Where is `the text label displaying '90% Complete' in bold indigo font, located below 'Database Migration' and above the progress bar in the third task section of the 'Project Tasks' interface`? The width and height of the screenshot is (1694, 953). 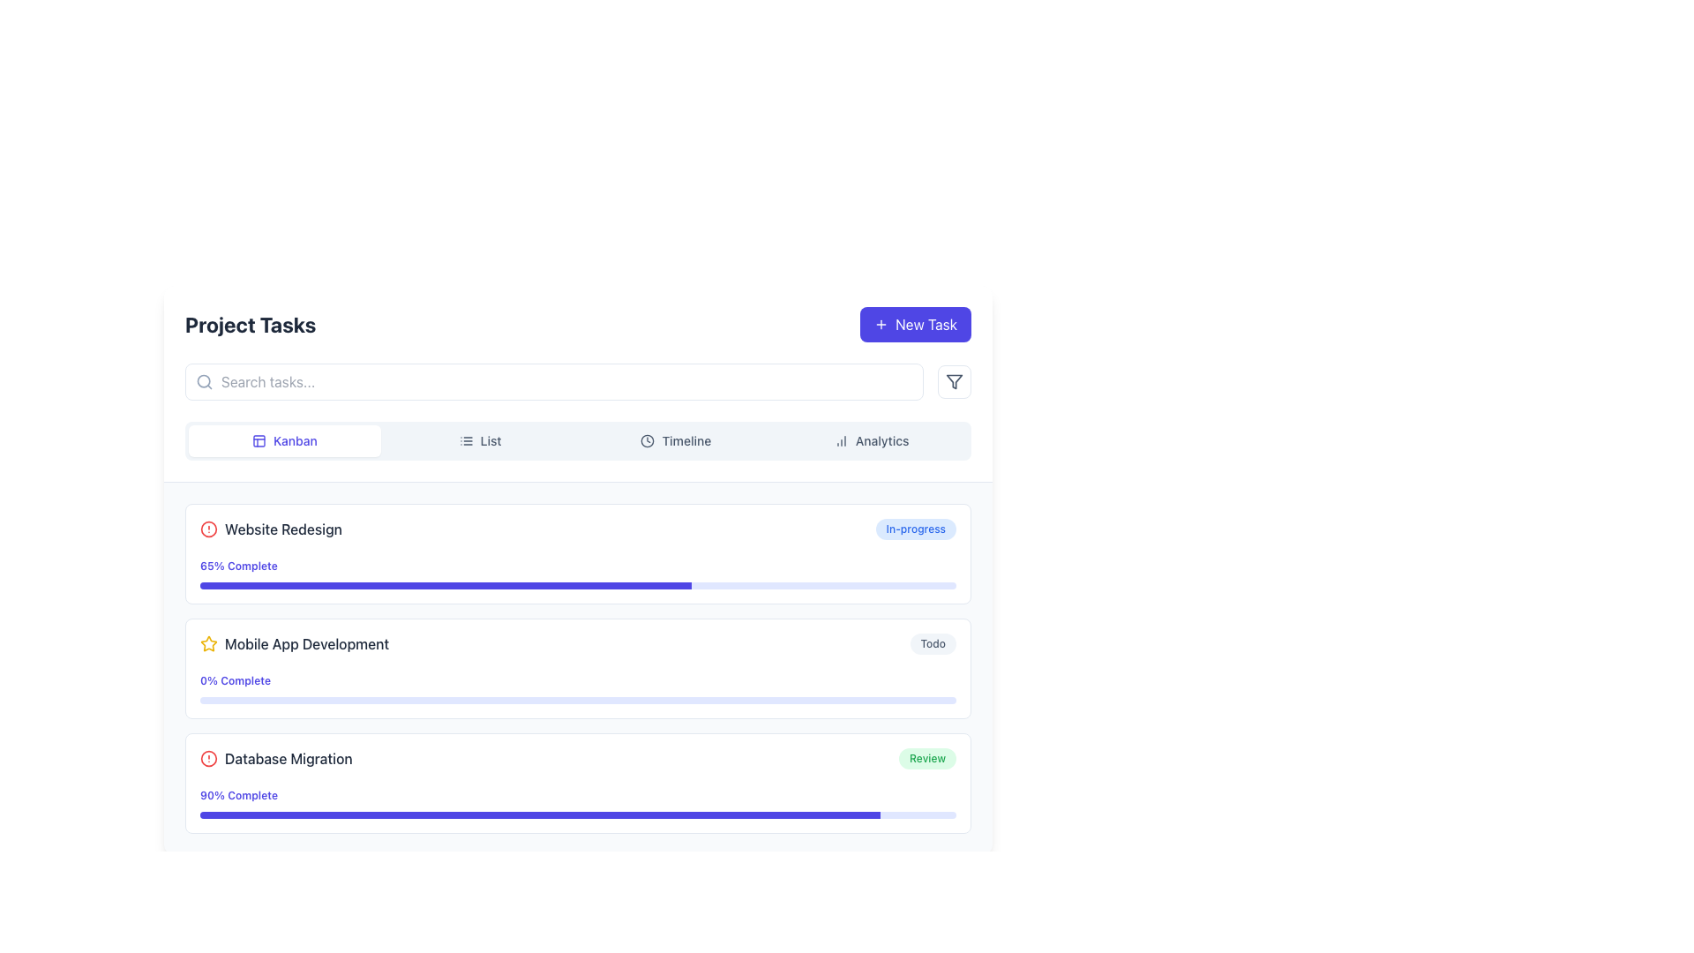
the text label displaying '90% Complete' in bold indigo font, located below 'Database Migration' and above the progress bar in the third task section of the 'Project Tasks' interface is located at coordinates (238, 796).